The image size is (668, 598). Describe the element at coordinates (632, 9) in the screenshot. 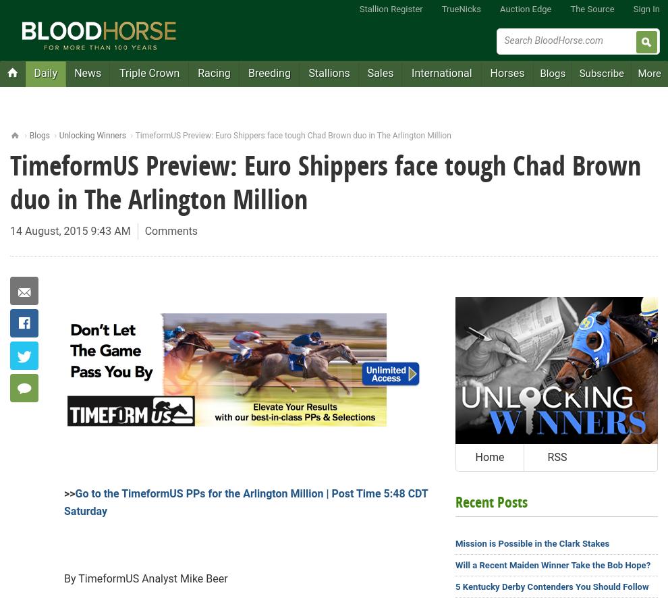

I see `'Sign In'` at that location.